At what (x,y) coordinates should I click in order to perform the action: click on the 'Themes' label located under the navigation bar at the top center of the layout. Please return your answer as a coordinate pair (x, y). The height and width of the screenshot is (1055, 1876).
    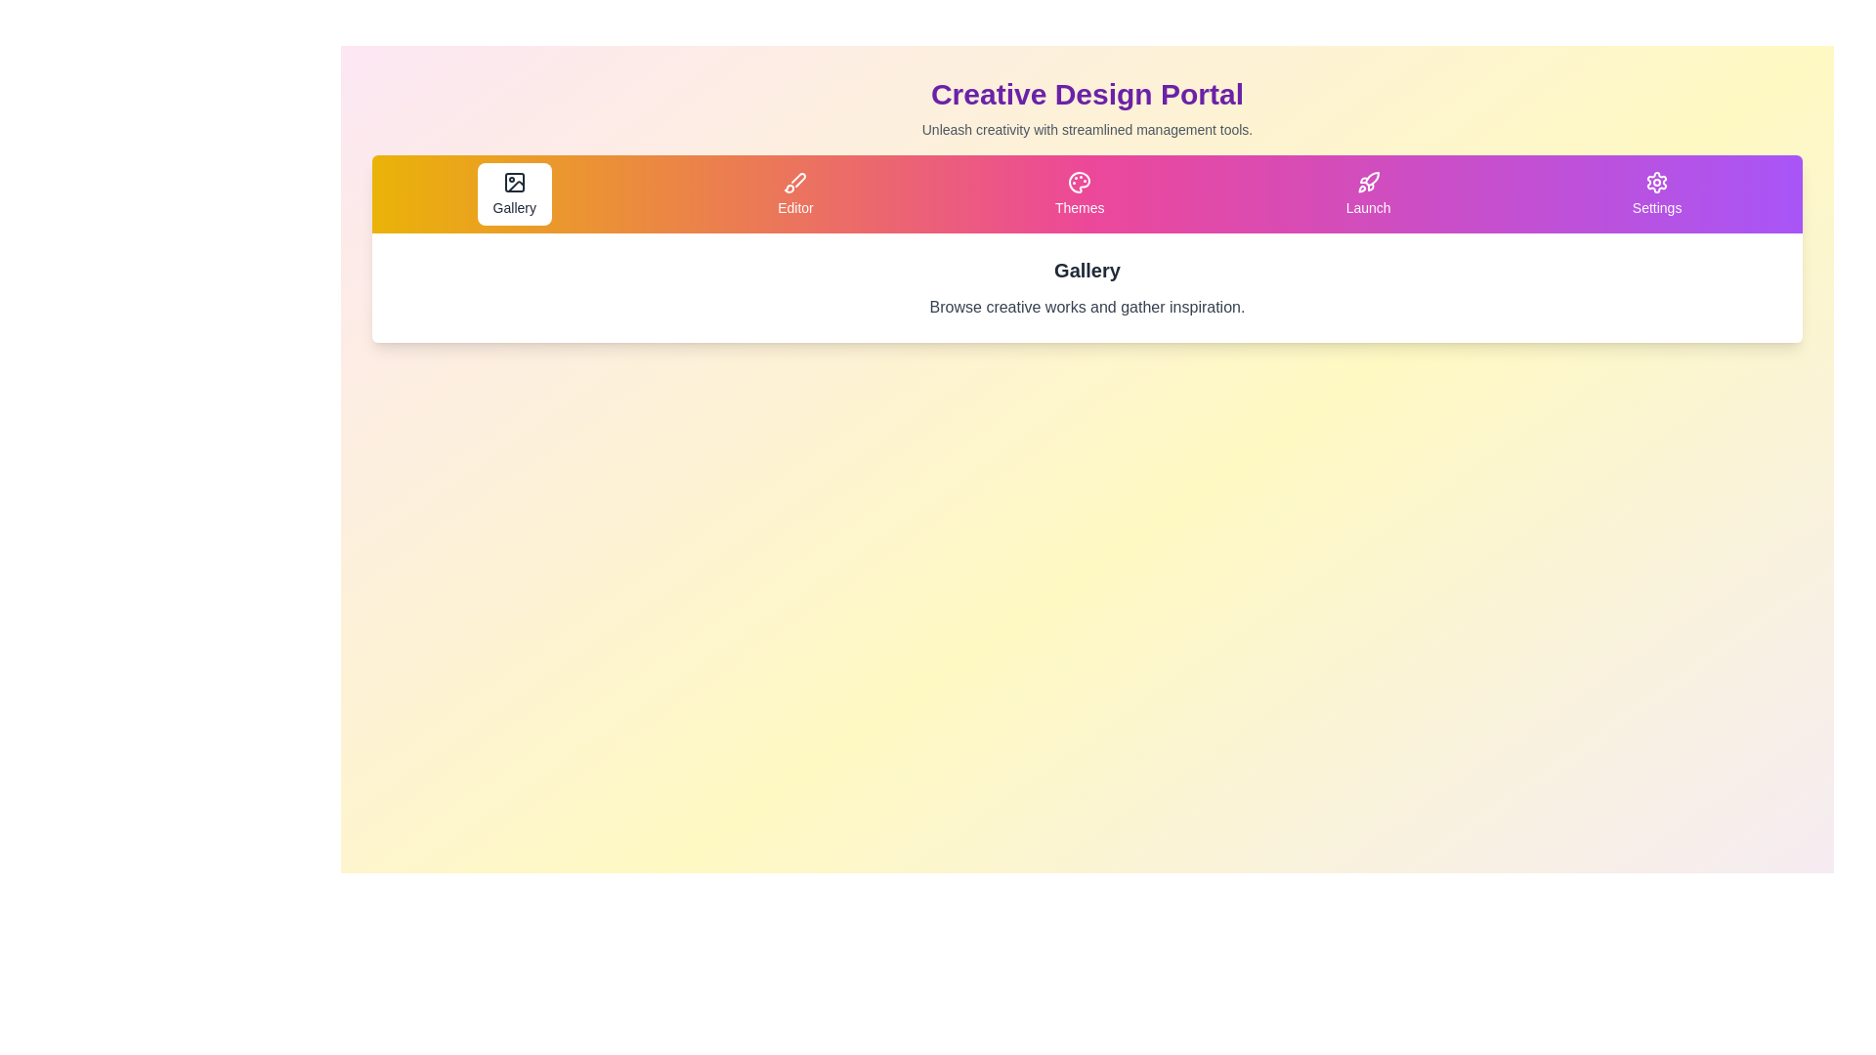
    Looking at the image, I should click on (1079, 207).